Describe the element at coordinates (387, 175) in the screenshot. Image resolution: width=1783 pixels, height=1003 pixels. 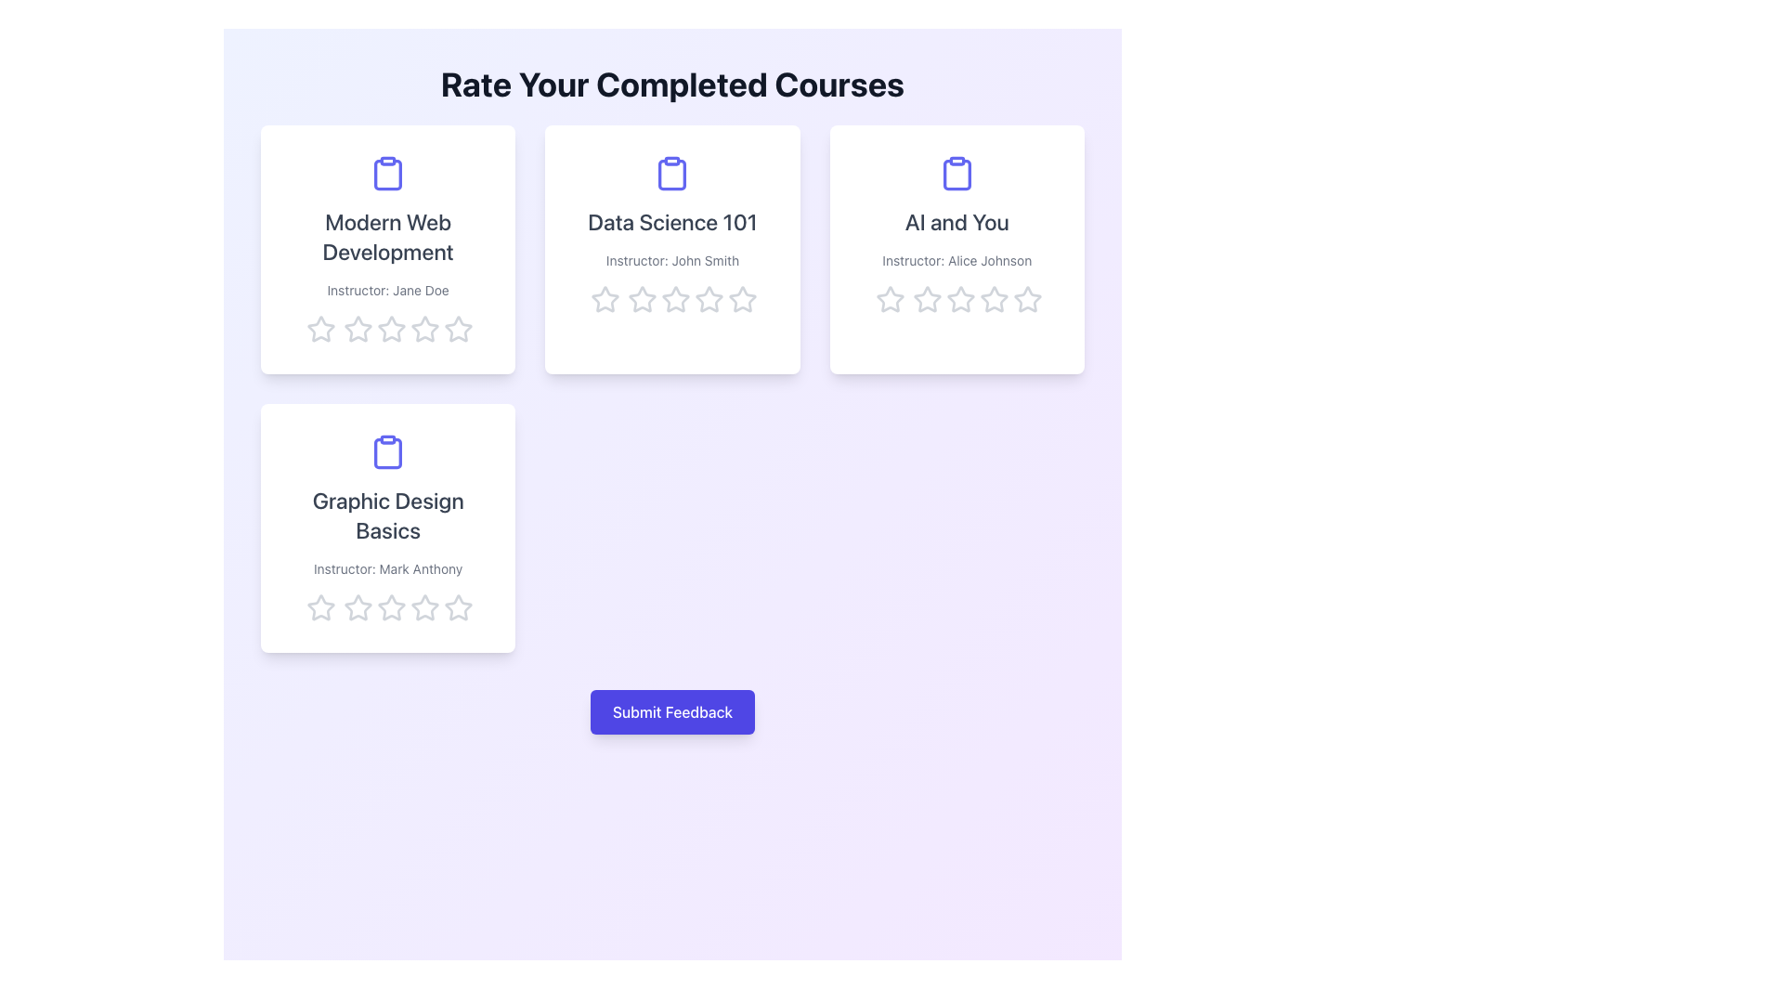
I see `the icon representing a category related to the card's subject, located in the top-left card of a 2x2 grid, above the text 'Modern Web Development'` at that location.